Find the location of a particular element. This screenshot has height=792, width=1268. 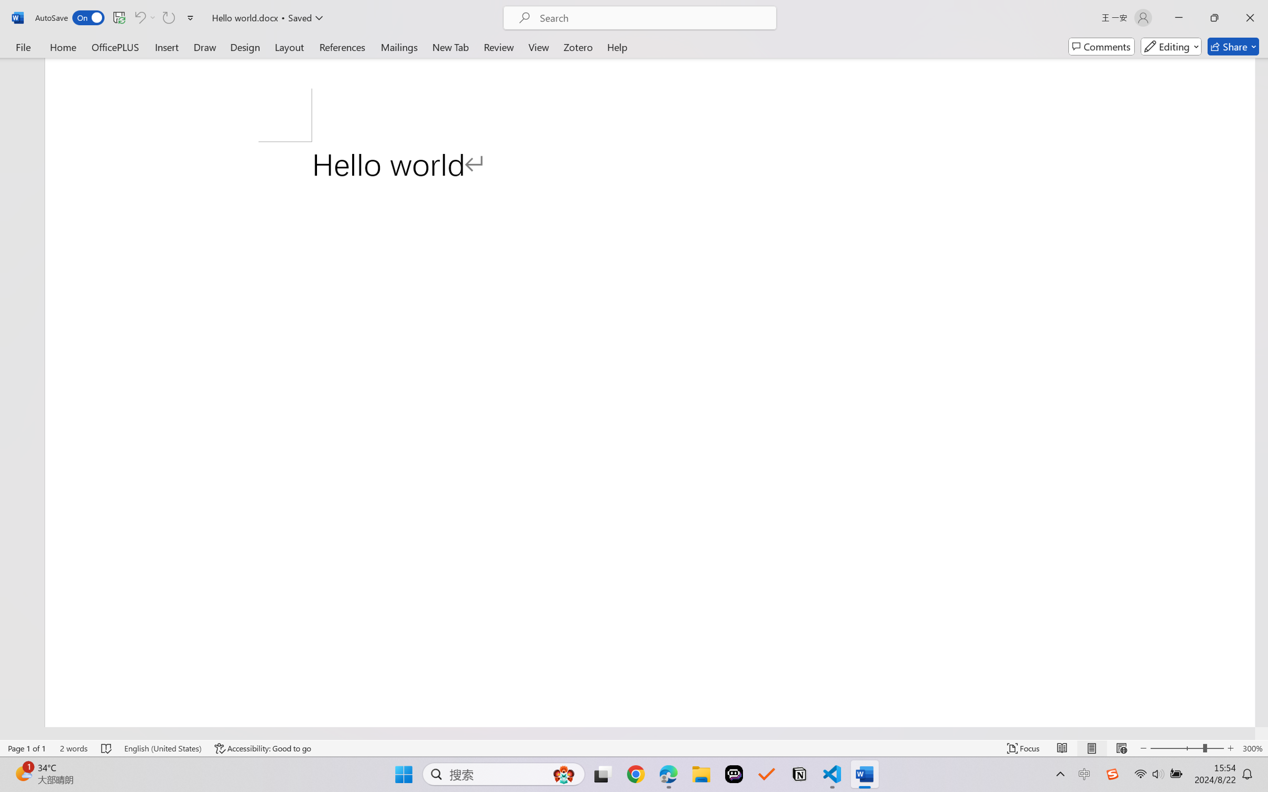

'Home' is located at coordinates (63, 46).